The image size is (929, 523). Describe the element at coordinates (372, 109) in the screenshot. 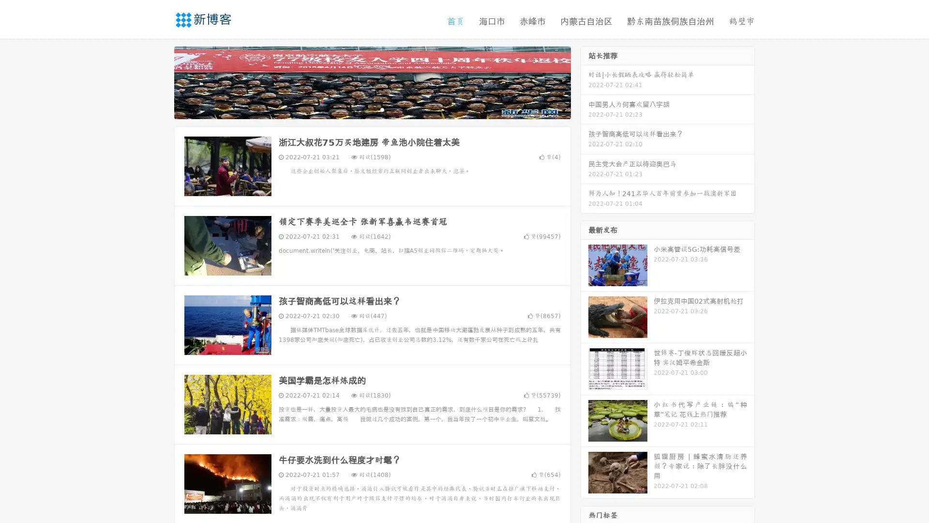

I see `Go to slide 2` at that location.